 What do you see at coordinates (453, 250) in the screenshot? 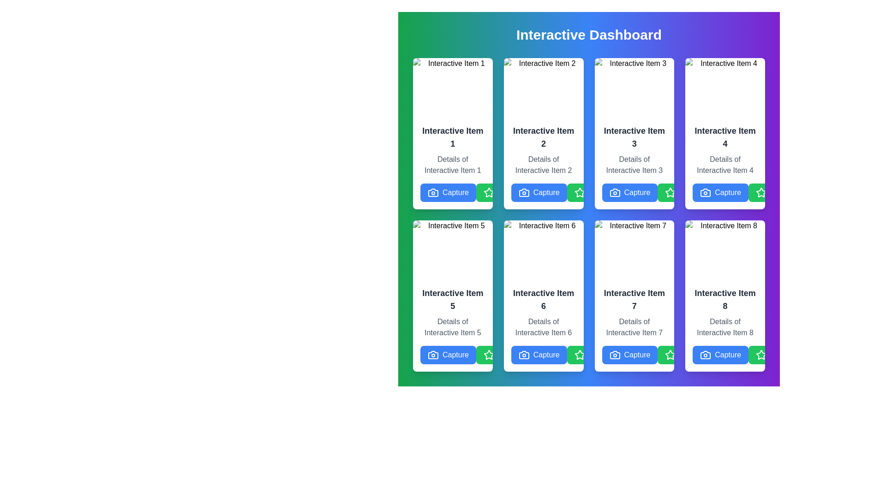
I see `the placeholder image labeled 'Interactive Item 5' located in the upper section of the card in the second row, first column of the grid layout` at bounding box center [453, 250].